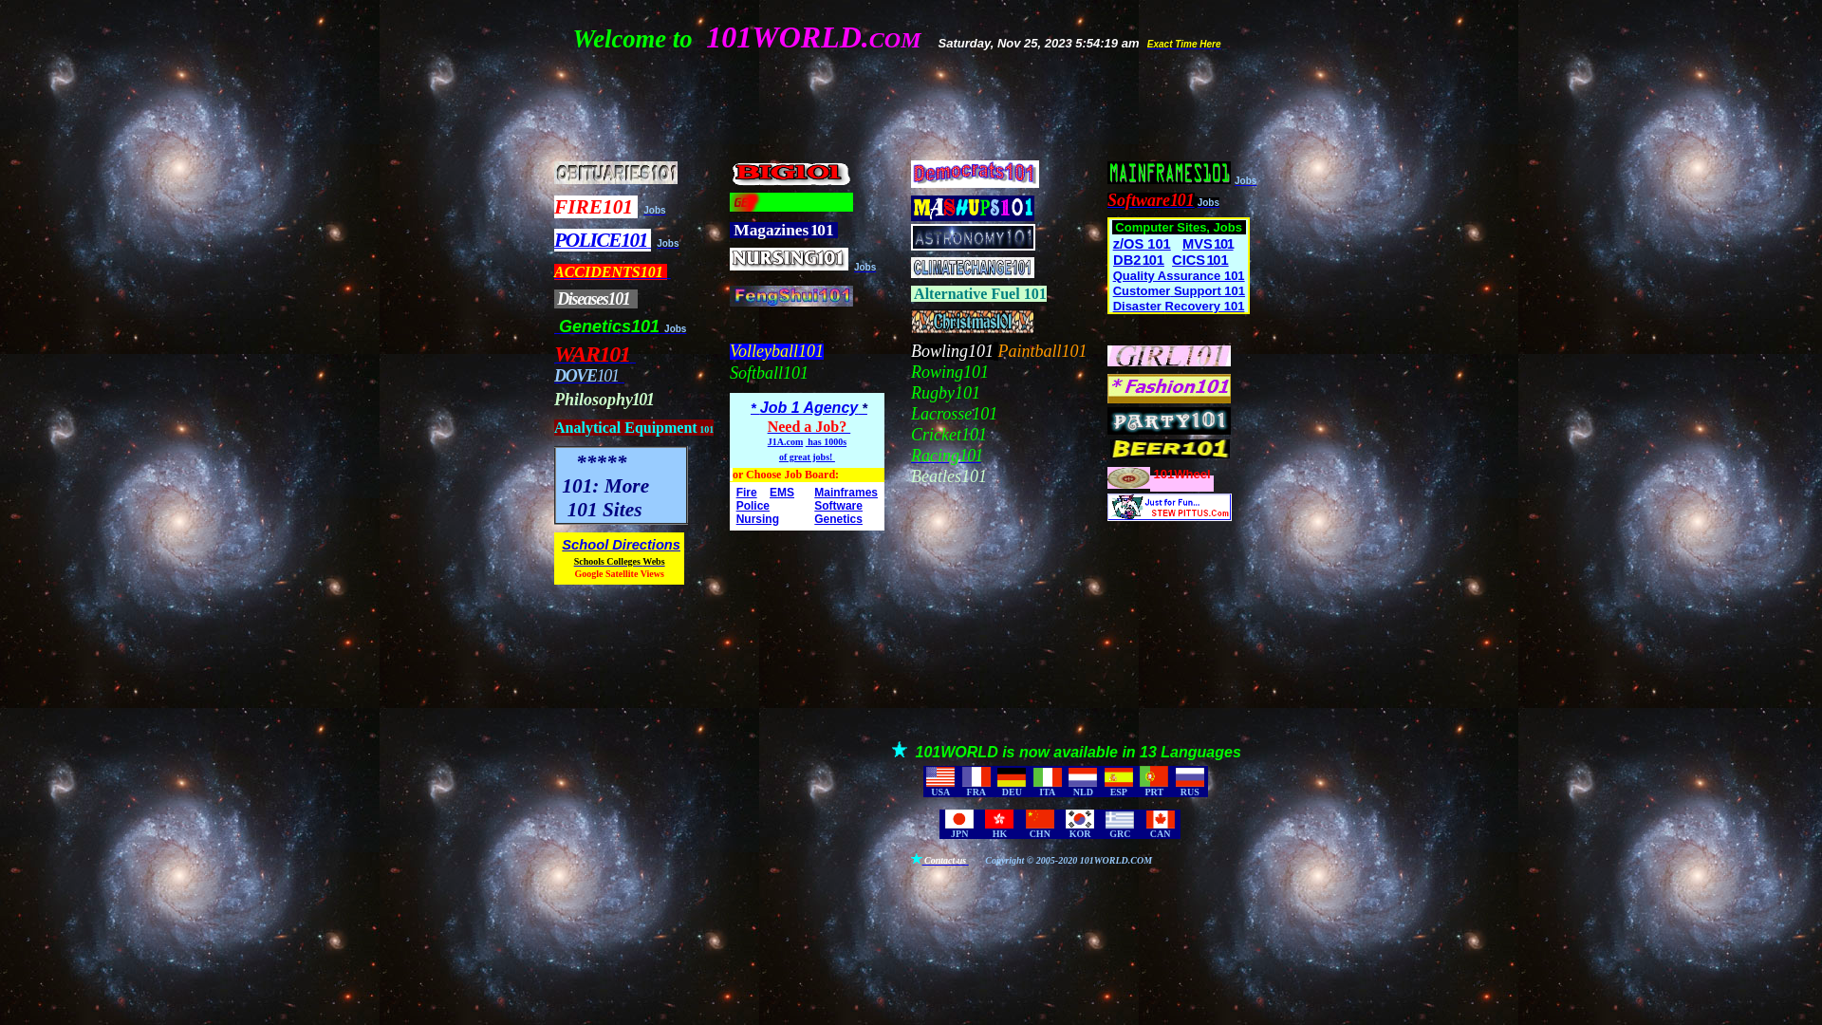 The image size is (1822, 1025). I want to click on 'MVS 101', so click(1181, 243).